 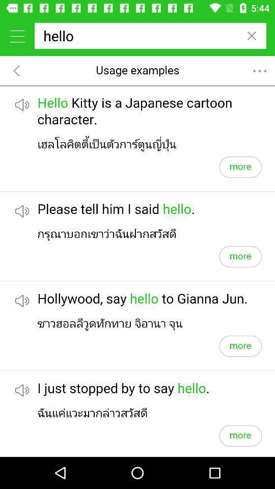 I want to click on list selection, so click(x=17, y=36).